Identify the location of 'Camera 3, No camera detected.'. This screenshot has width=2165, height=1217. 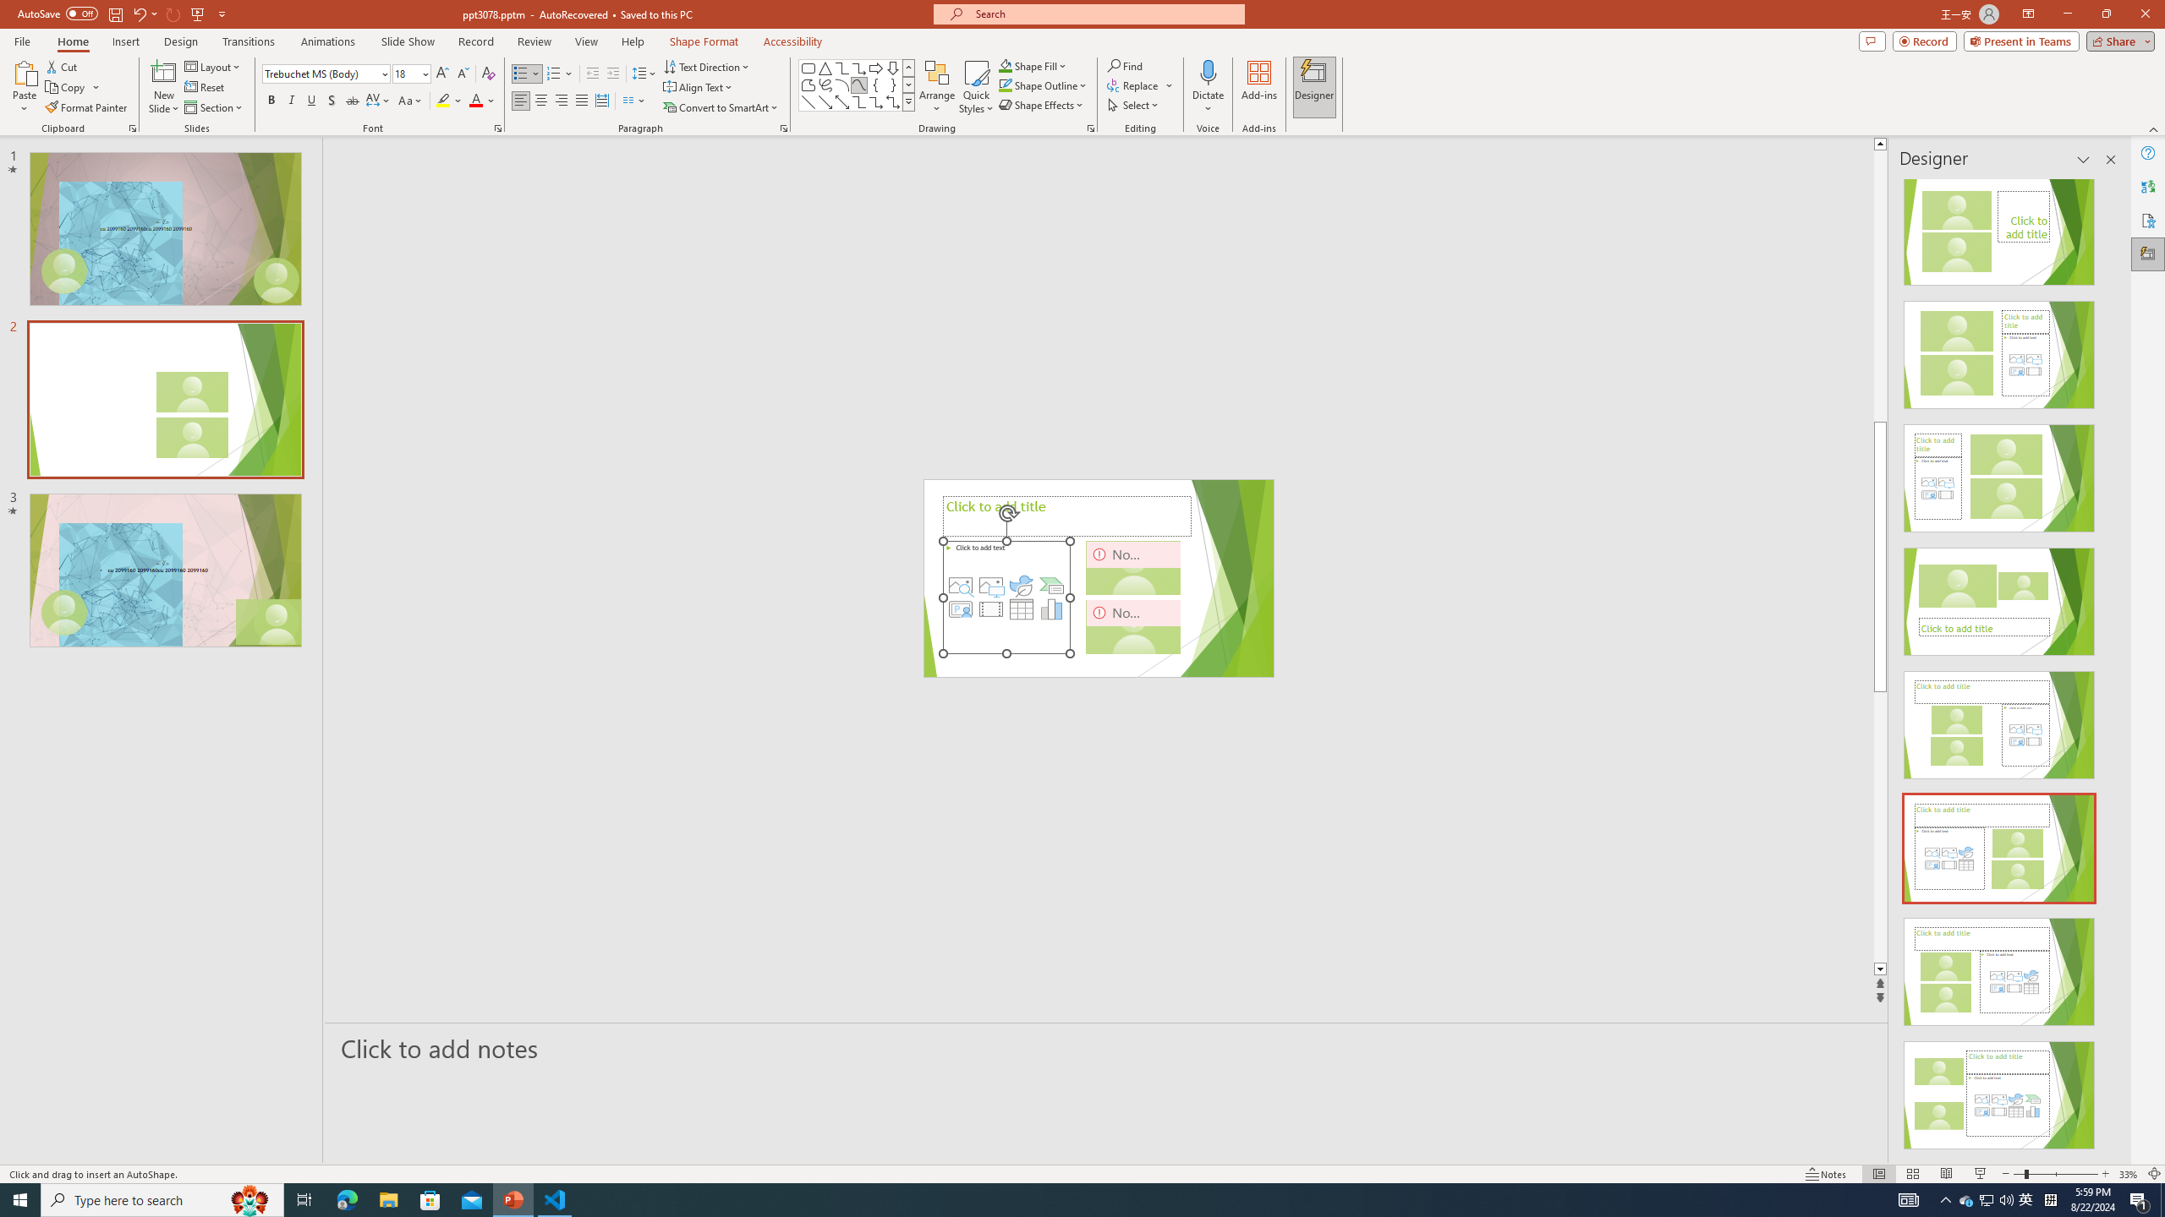
(1133, 625).